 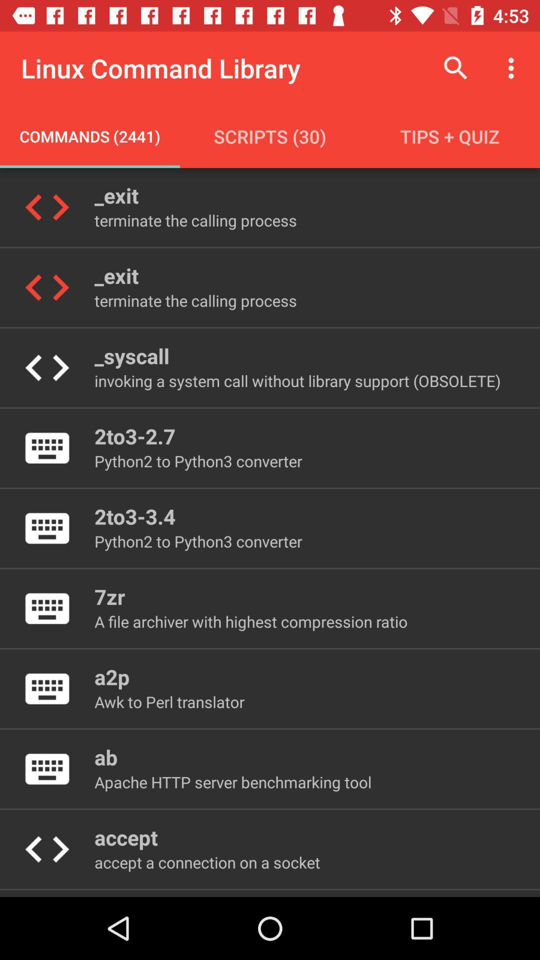 What do you see at coordinates (297, 380) in the screenshot?
I see `invoking a system` at bounding box center [297, 380].